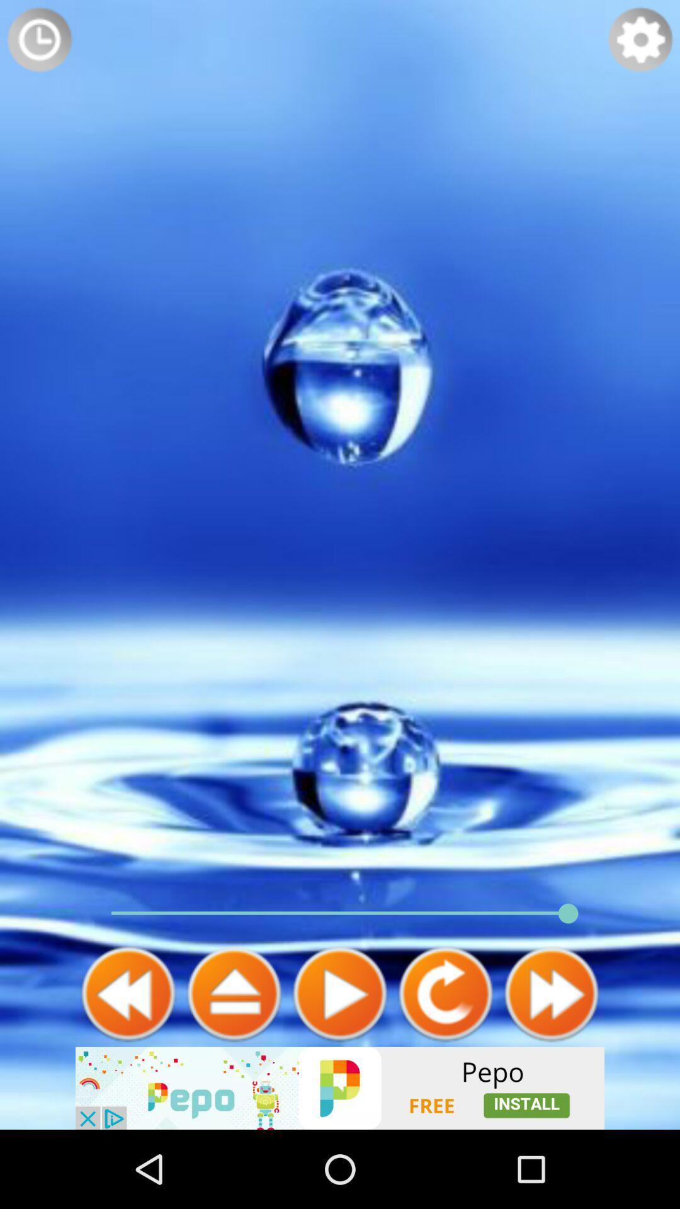  Describe the element at coordinates (340, 993) in the screenshot. I see `palely` at that location.